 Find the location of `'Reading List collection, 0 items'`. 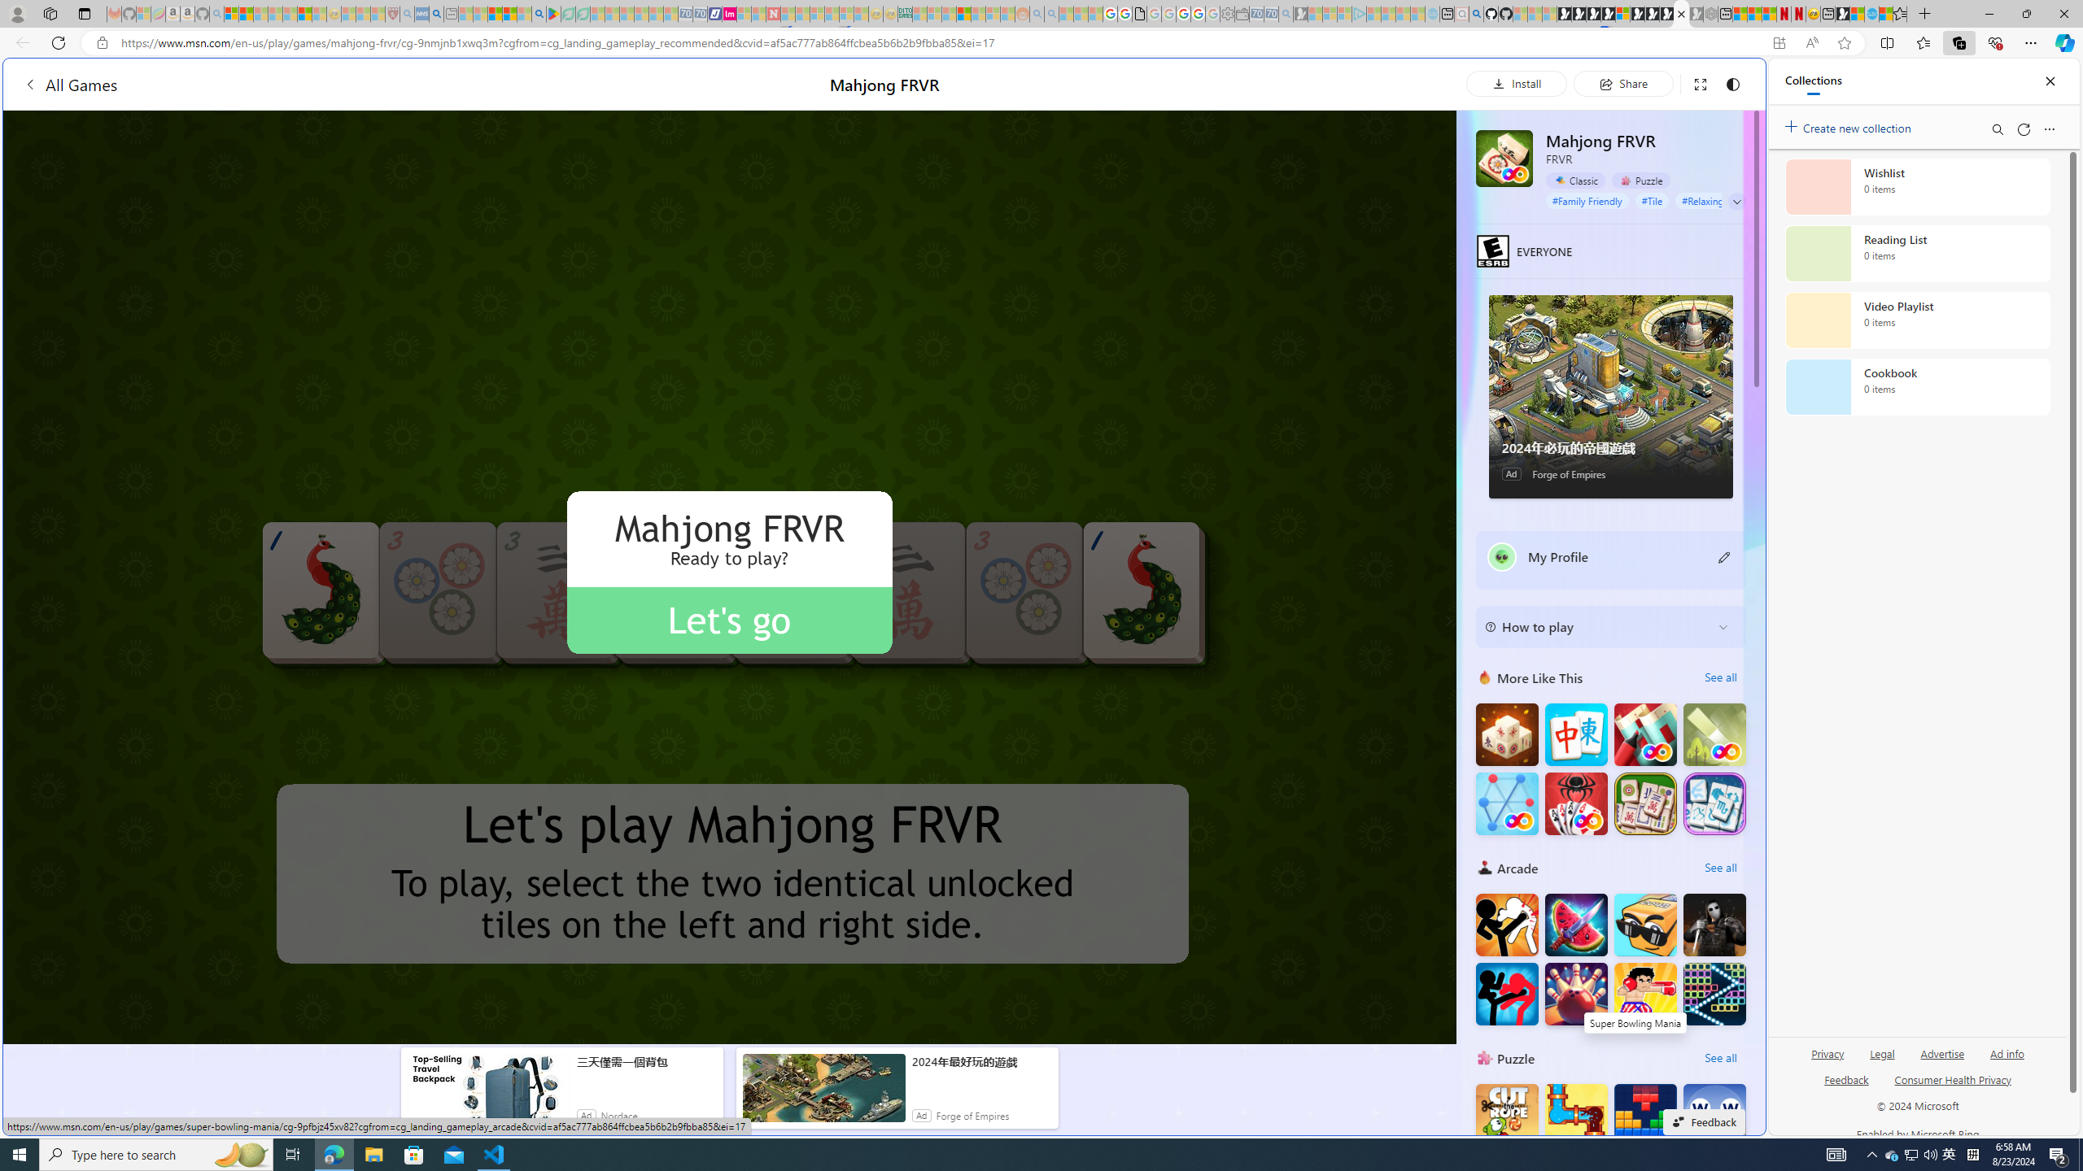

'Reading List collection, 0 items' is located at coordinates (1917, 252).